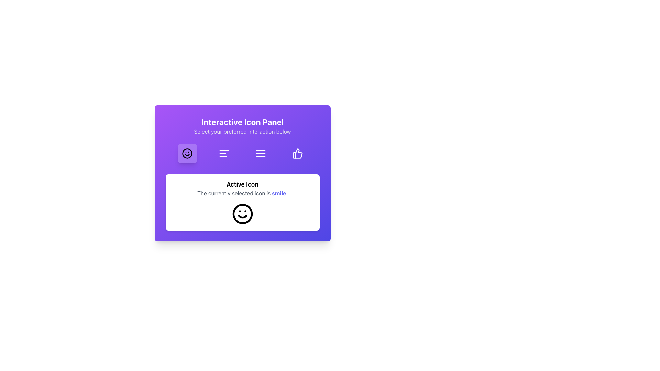 This screenshot has height=371, width=660. Describe the element at coordinates (242, 214) in the screenshot. I see `the smiley face icon located within the 'Active Icon' box, which is centrally positioned below the 'Interactive Icon Panel.'` at that location.